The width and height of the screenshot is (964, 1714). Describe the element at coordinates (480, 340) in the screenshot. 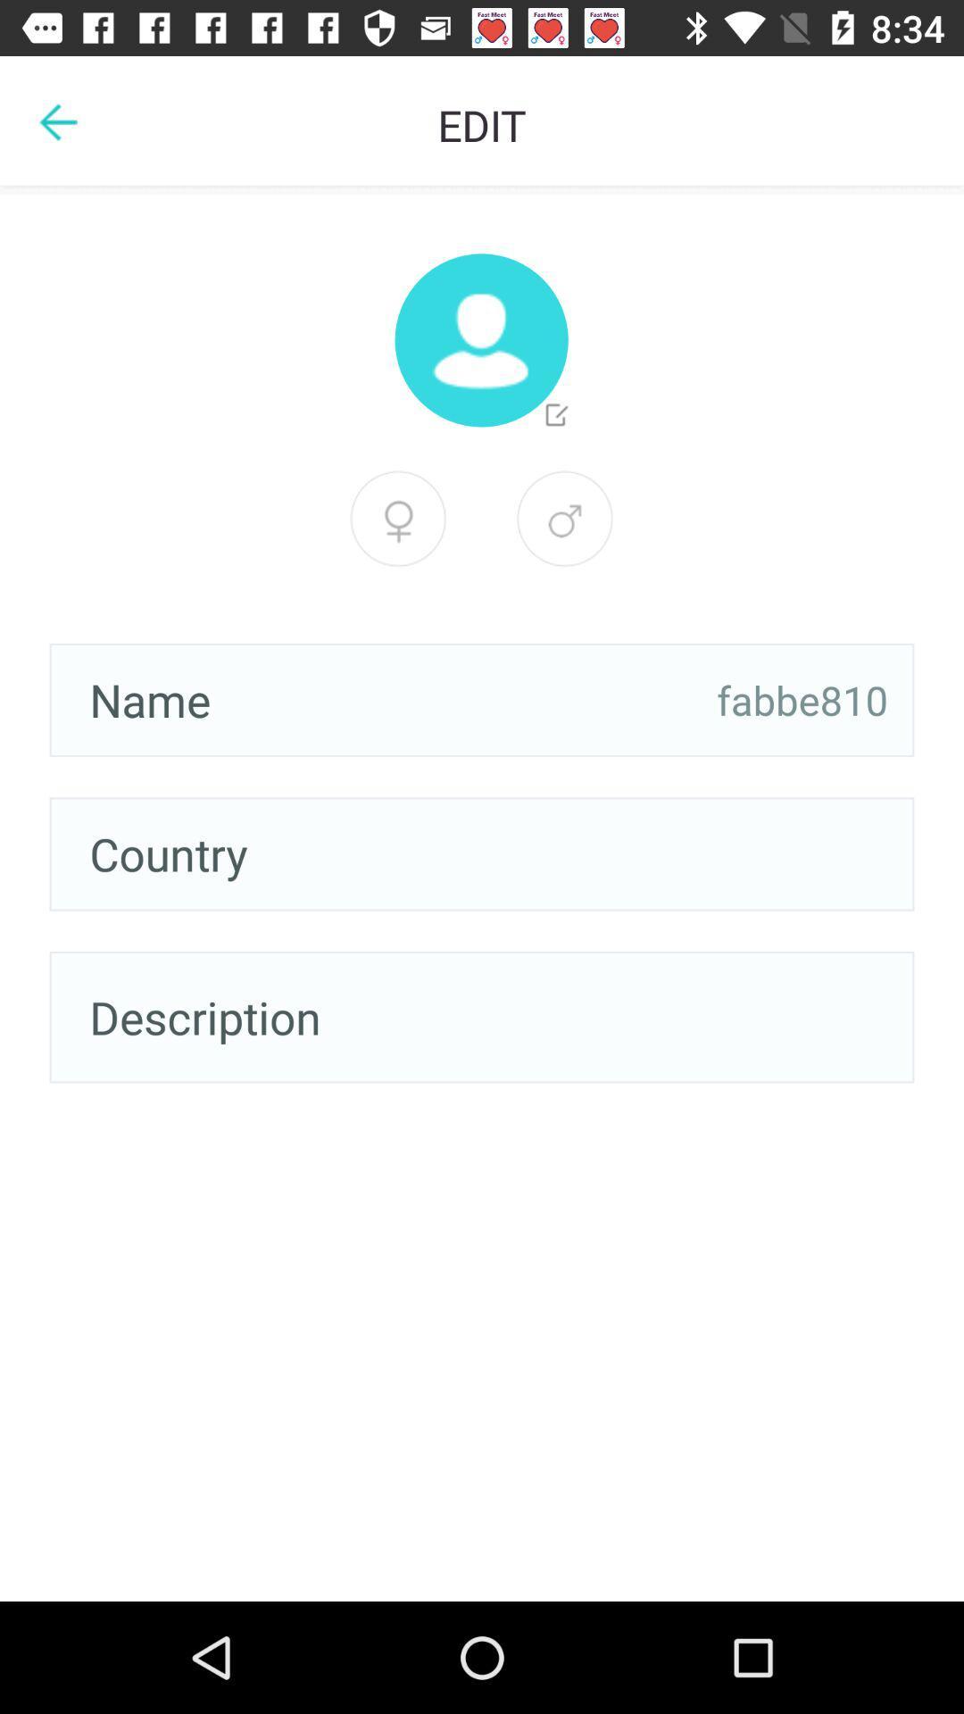

I see `account info` at that location.